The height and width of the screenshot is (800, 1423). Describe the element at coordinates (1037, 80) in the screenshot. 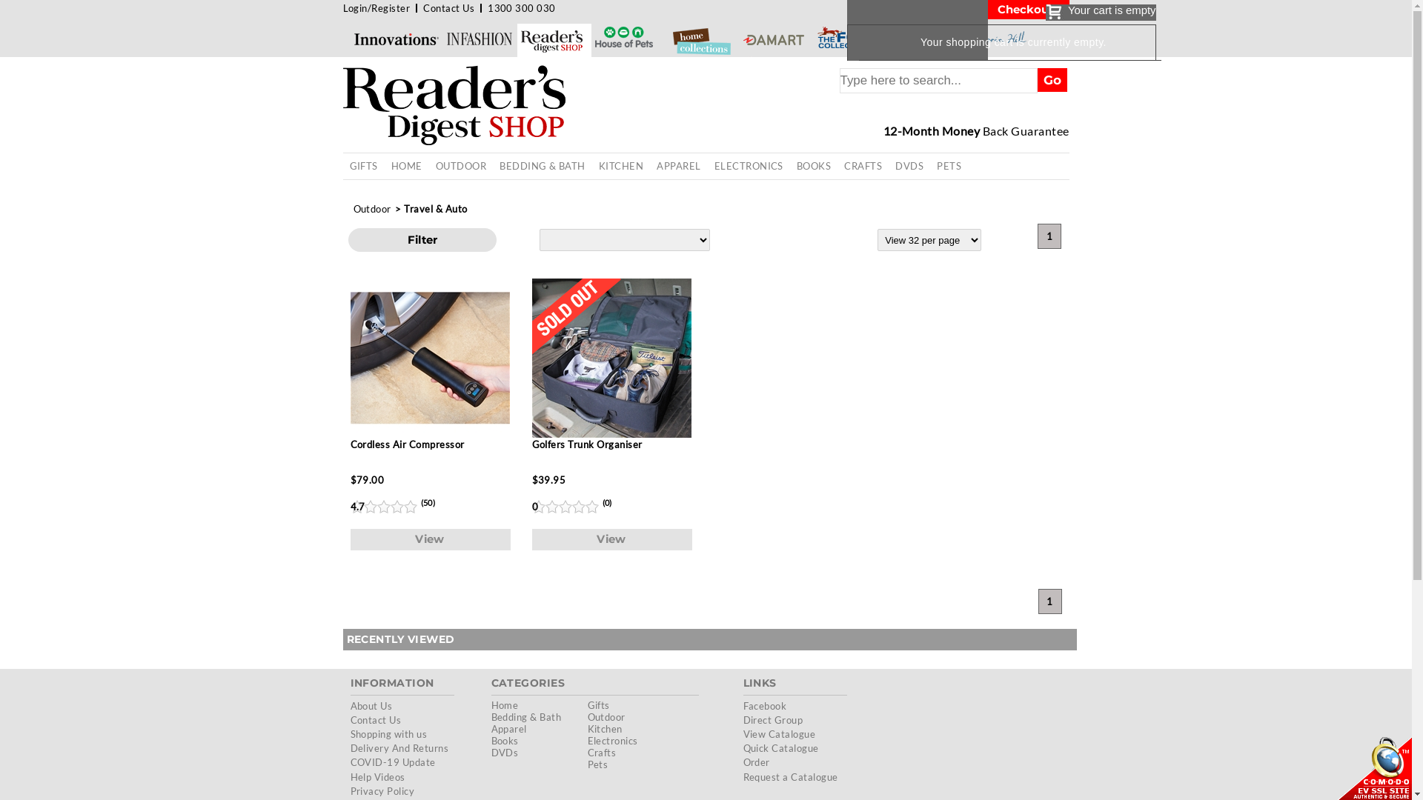

I see `'Go'` at that location.